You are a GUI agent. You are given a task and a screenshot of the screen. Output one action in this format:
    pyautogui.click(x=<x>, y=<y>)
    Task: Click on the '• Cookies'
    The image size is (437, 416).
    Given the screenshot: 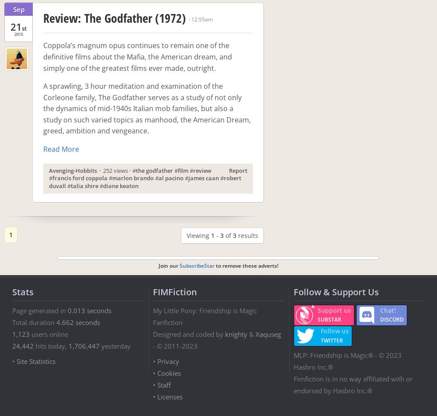 What is the action you would take?
    pyautogui.click(x=167, y=372)
    